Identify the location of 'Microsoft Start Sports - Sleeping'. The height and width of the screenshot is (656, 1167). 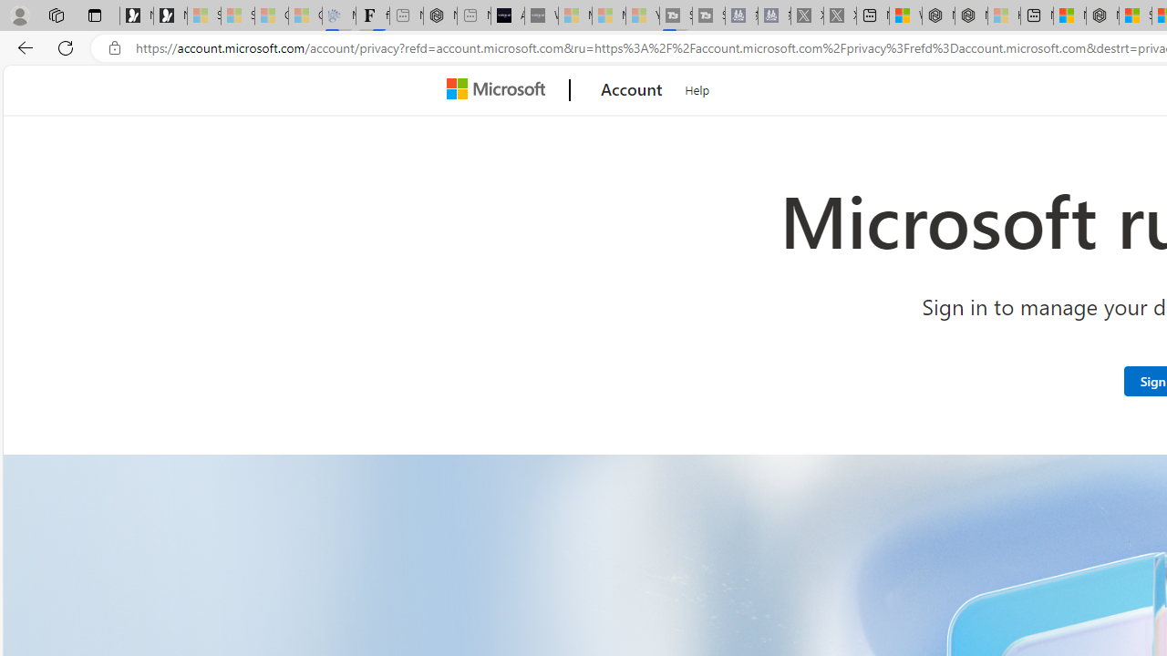
(574, 15).